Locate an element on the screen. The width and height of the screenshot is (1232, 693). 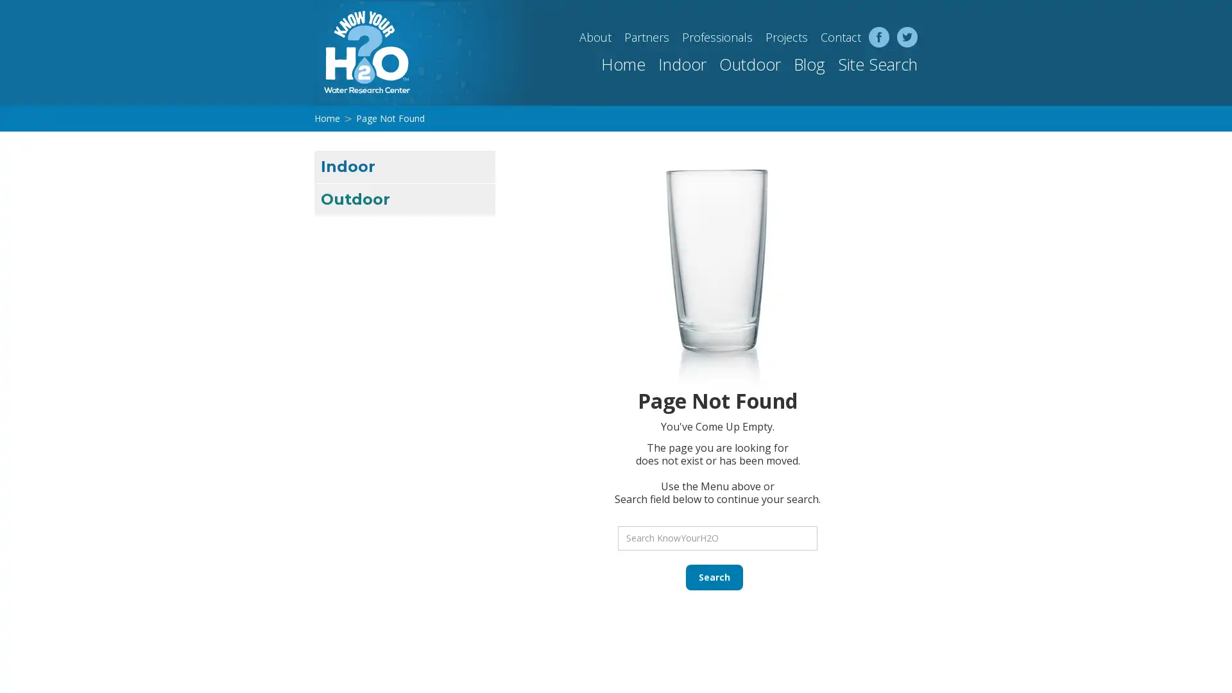
Search is located at coordinates (714, 576).